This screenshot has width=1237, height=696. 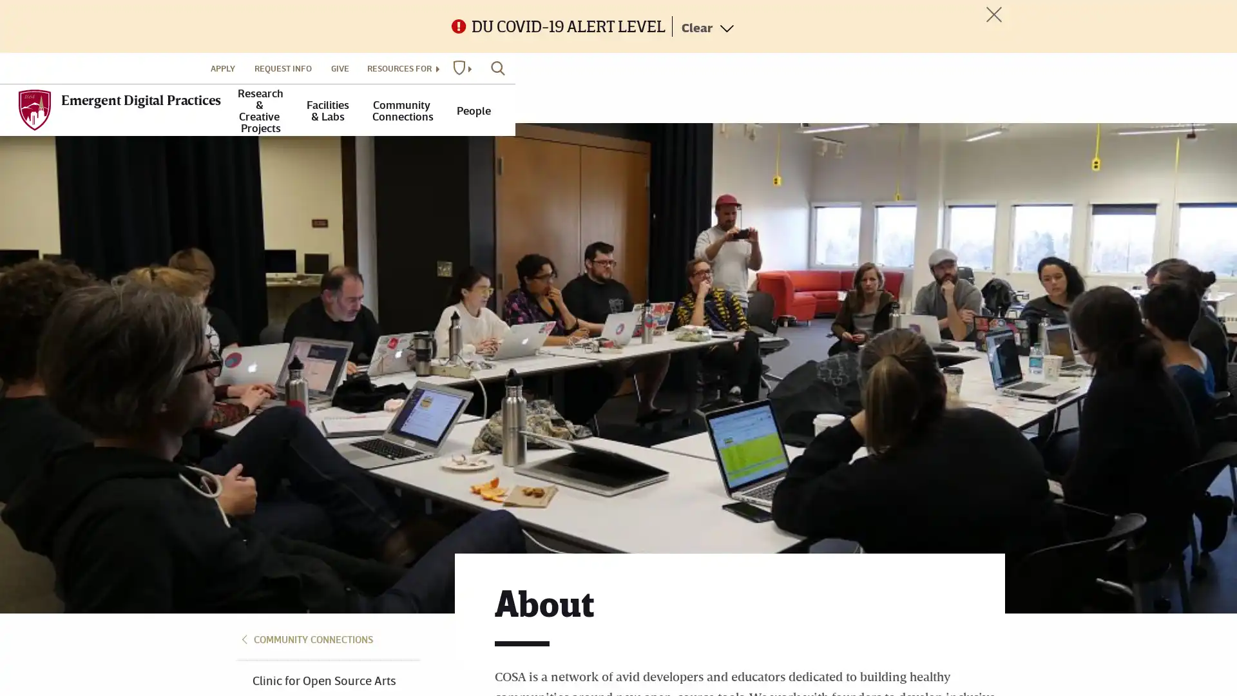 I want to click on SEARCH, so click(x=986, y=68).